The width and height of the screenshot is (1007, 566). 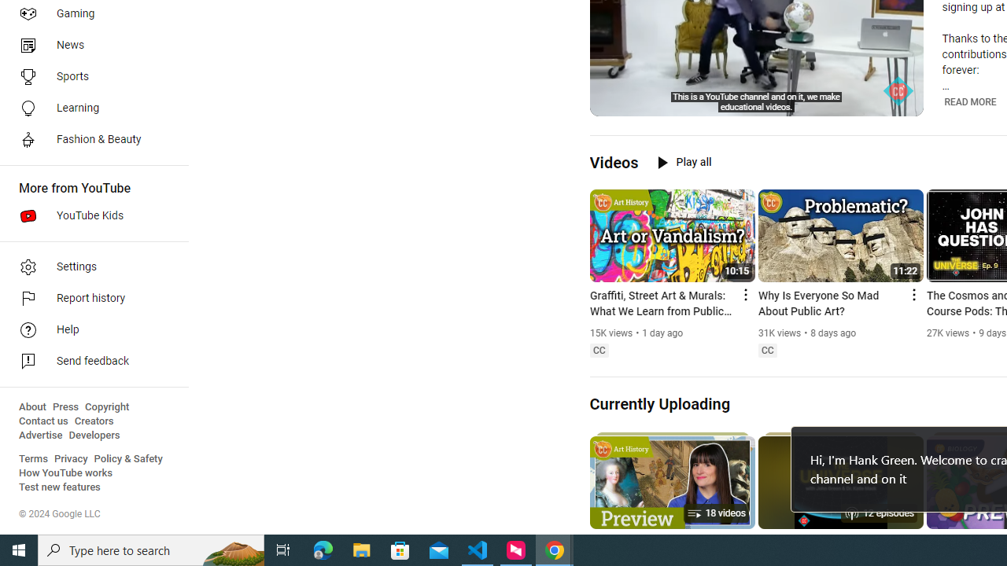 I want to click on 'Developers', so click(x=94, y=436).